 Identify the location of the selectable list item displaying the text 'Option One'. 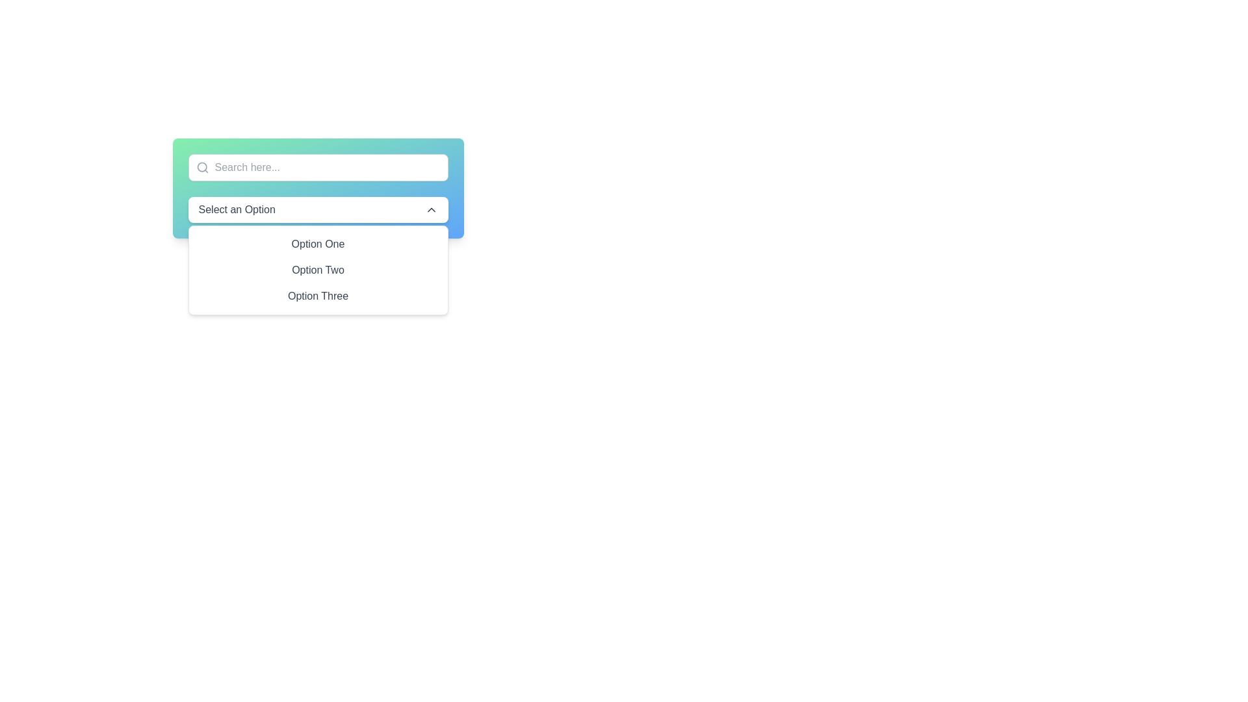
(318, 244).